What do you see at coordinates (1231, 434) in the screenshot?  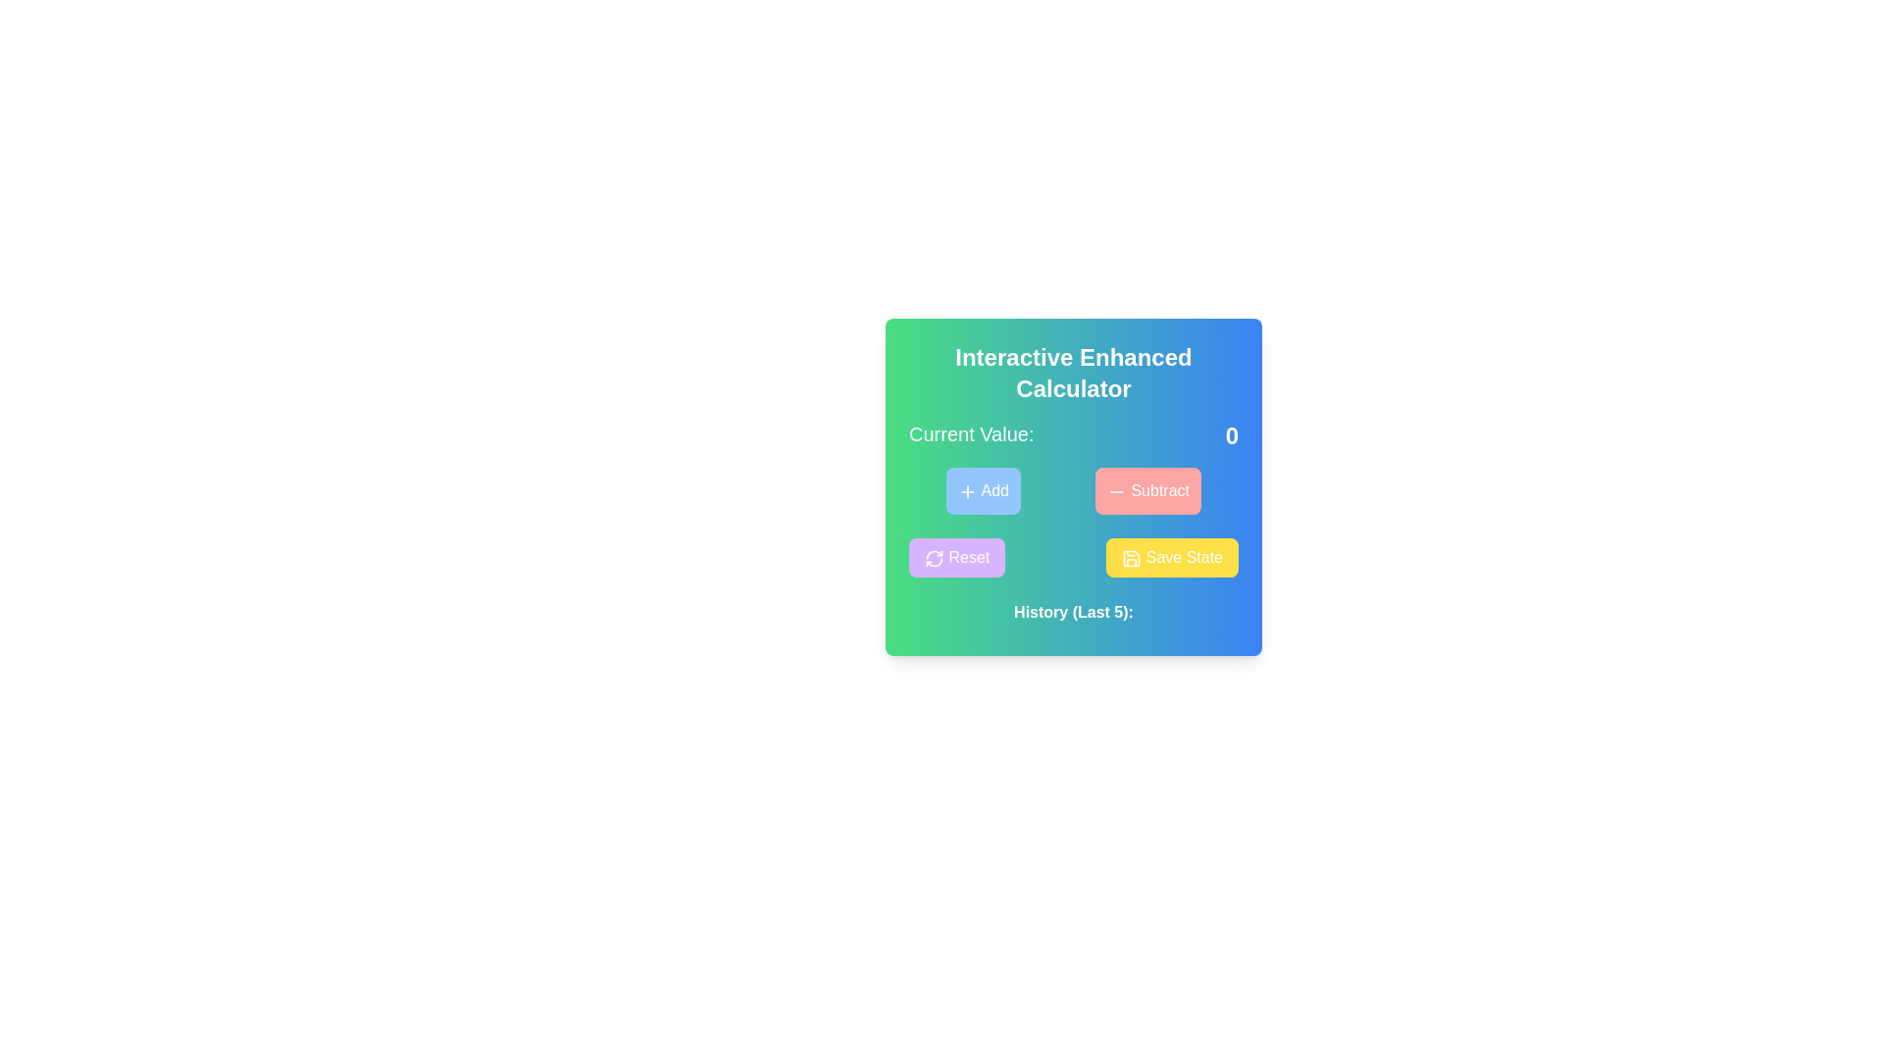 I see `the Static Text element that displays the current numeric value or status, located to the right of the phrase 'Current Value:'` at bounding box center [1231, 434].